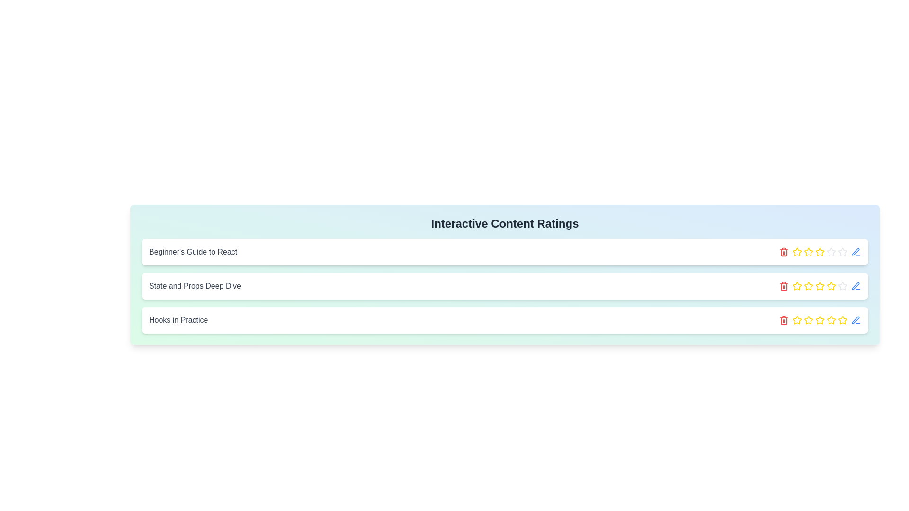  Describe the element at coordinates (820, 251) in the screenshot. I see `the fourth star icon in the rating system, which is outlined in yellow and has a hollow center` at that location.